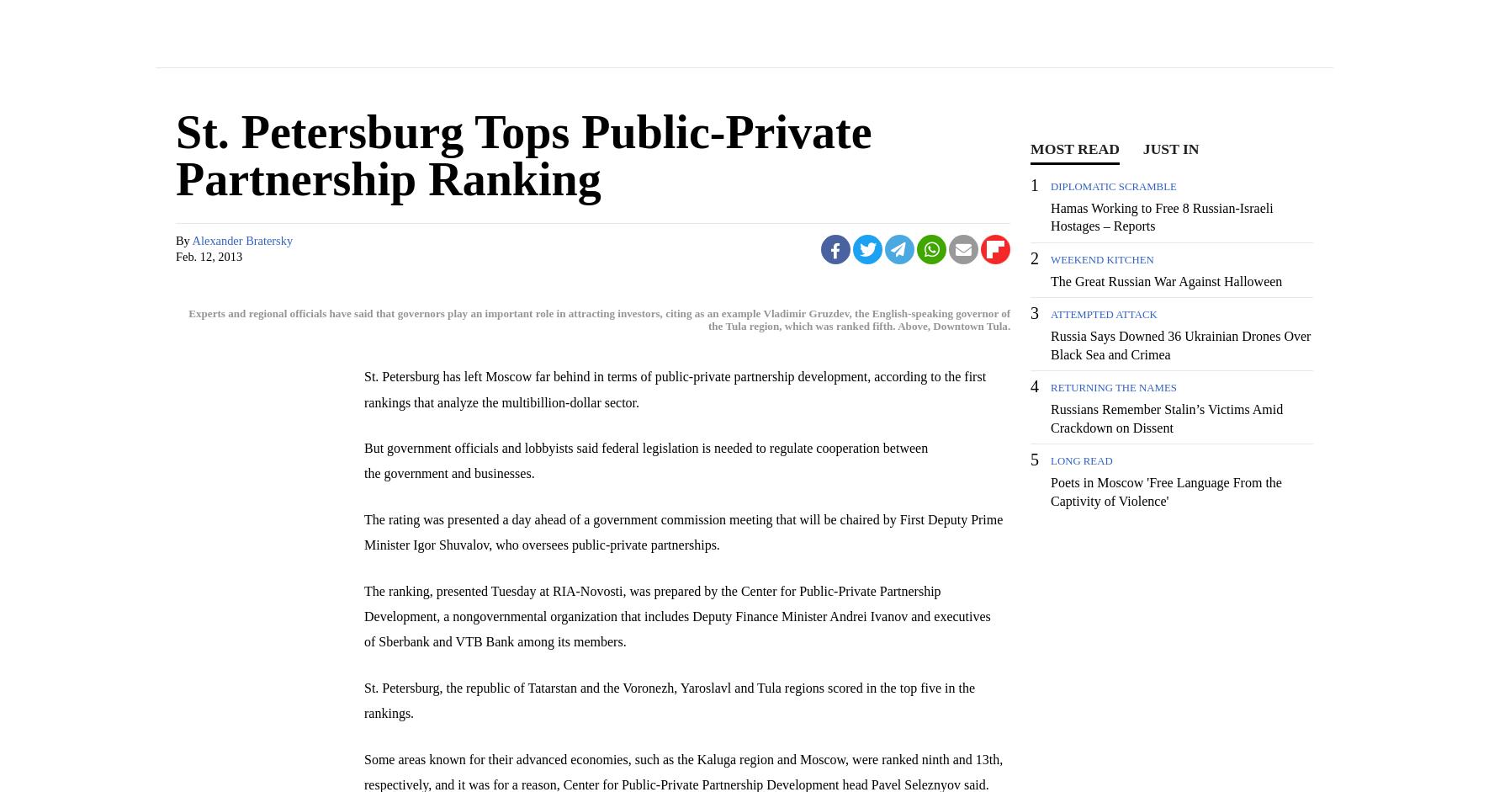 This screenshot has width=1489, height=792. What do you see at coordinates (1033, 183) in the screenshot?
I see `'1'` at bounding box center [1033, 183].